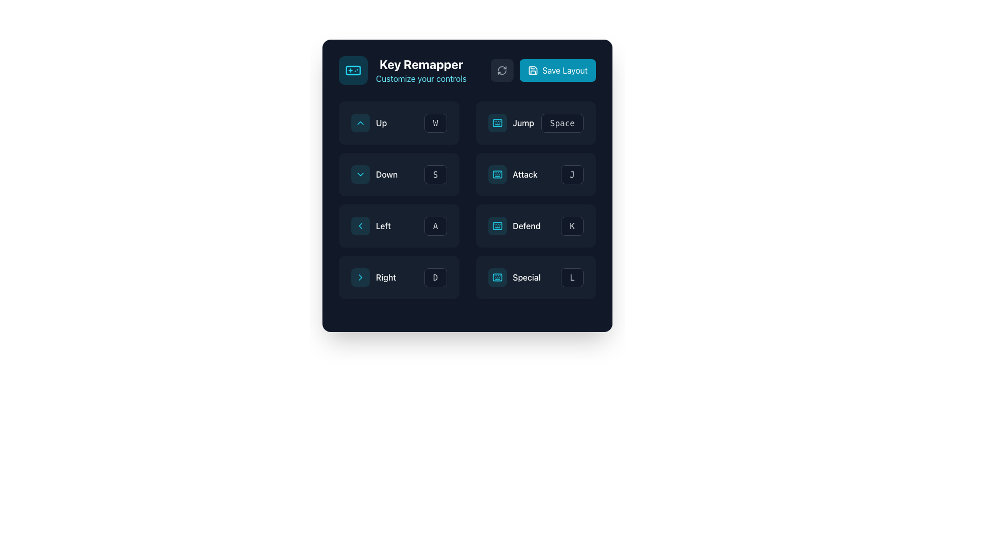  I want to click on the icon button located, so click(497, 277).